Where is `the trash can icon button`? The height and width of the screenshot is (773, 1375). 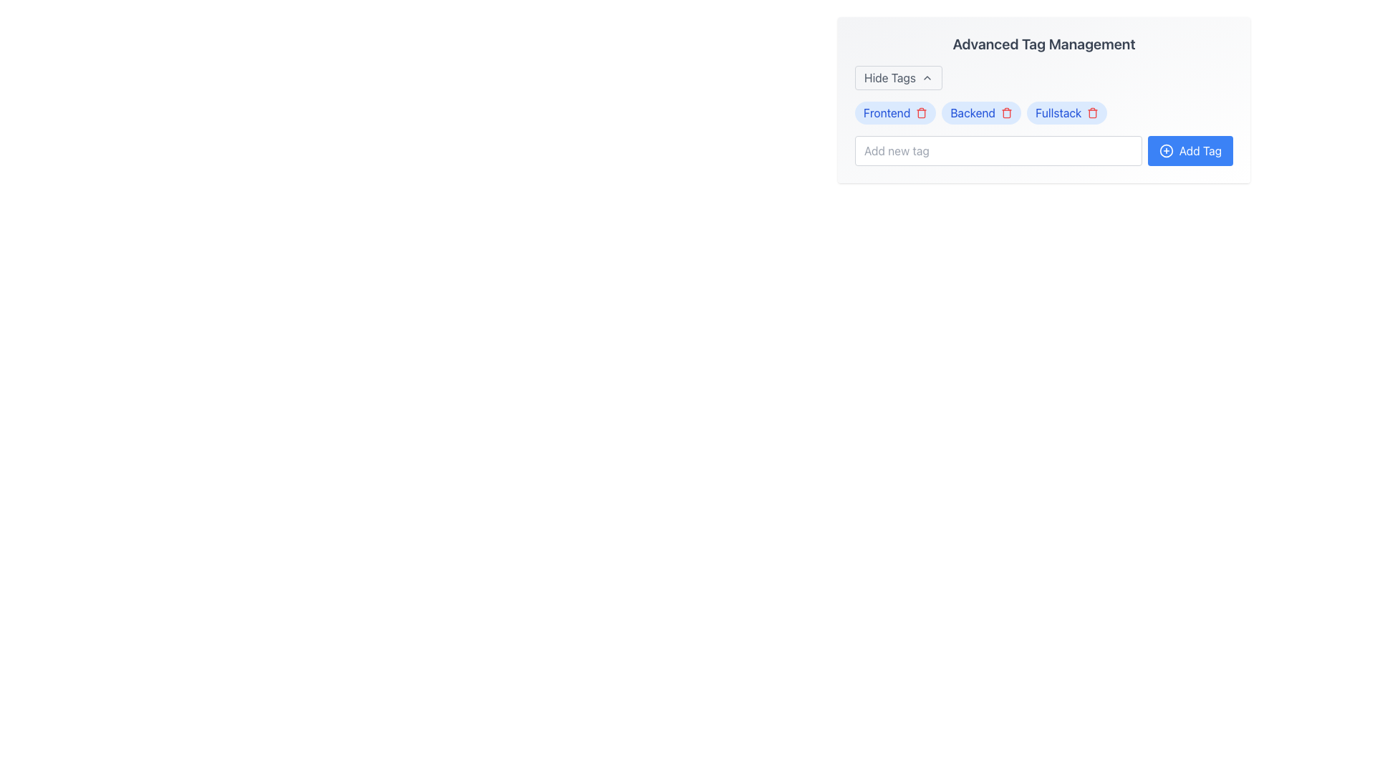
the trash can icon button is located at coordinates (1006, 112).